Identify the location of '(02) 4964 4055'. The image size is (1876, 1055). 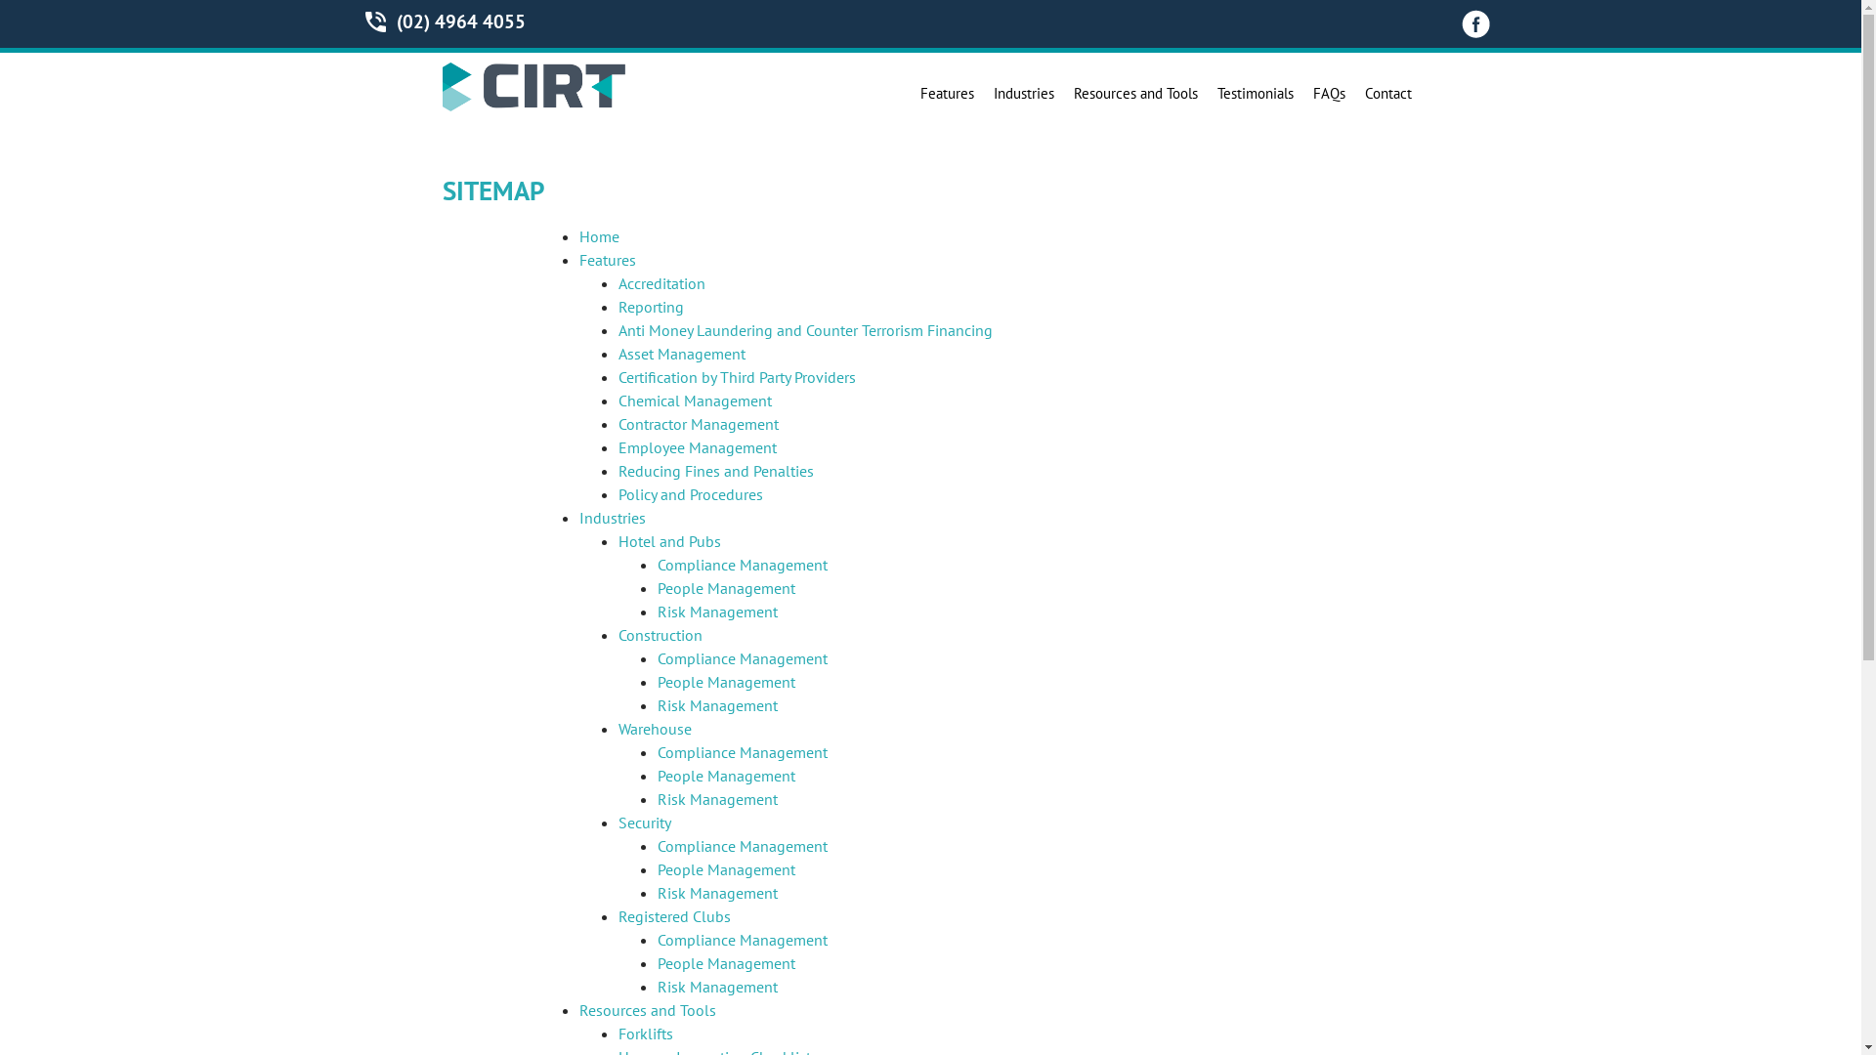
(459, 21).